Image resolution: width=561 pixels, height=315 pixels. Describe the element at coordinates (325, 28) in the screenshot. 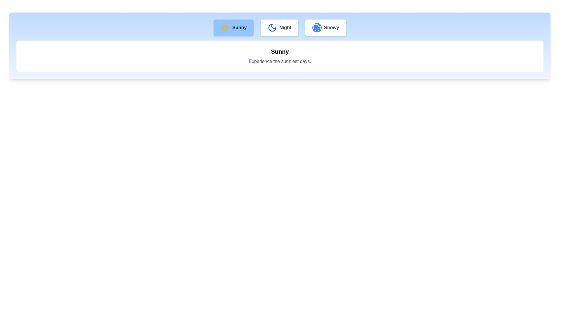

I see `the Snowy tab by clicking on its button` at that location.